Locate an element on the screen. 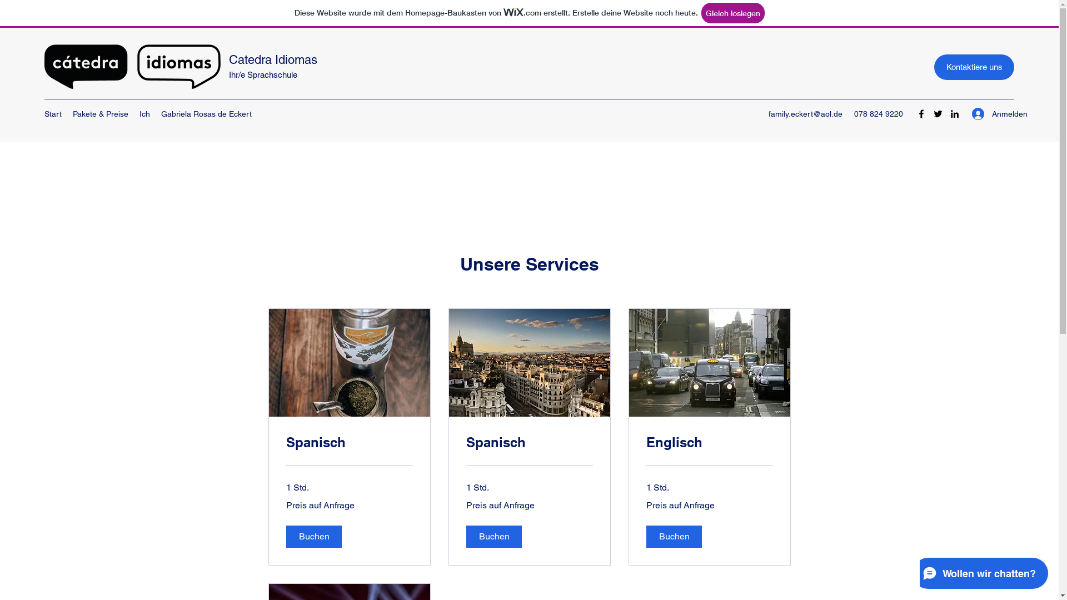 Image resolution: width=1067 pixels, height=600 pixels. 'Ich' is located at coordinates (144, 114).